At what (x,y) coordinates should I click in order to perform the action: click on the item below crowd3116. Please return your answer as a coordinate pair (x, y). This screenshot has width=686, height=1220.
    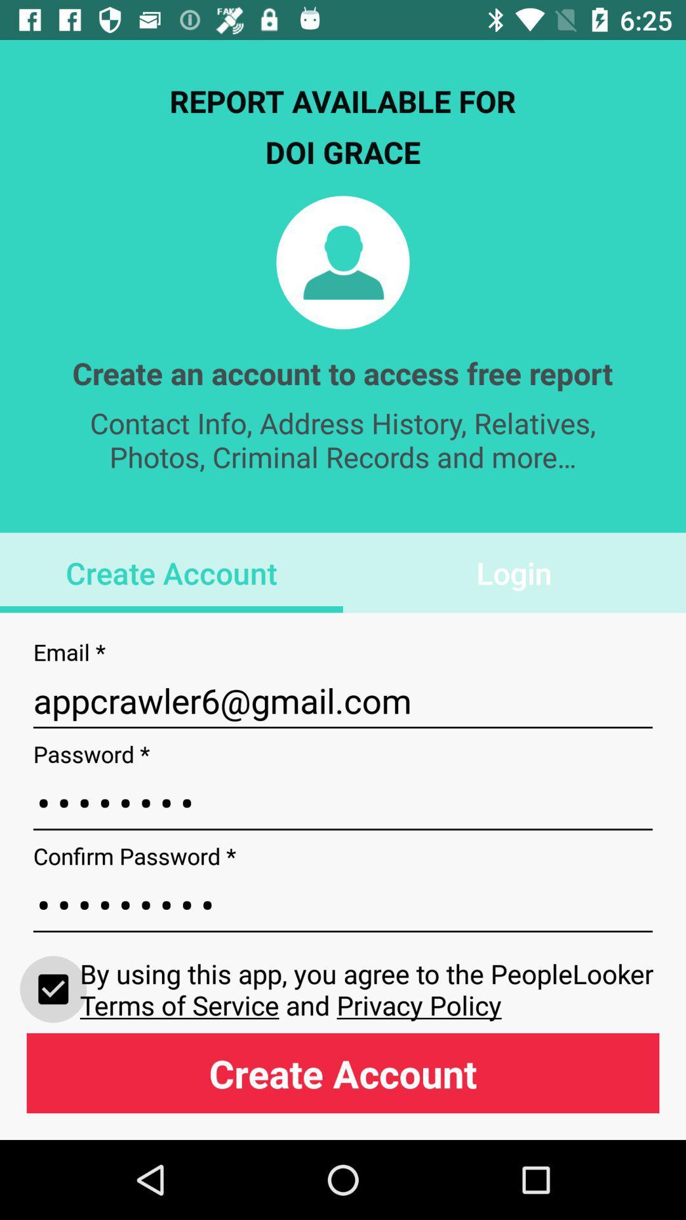
    Looking at the image, I should click on (370, 988).